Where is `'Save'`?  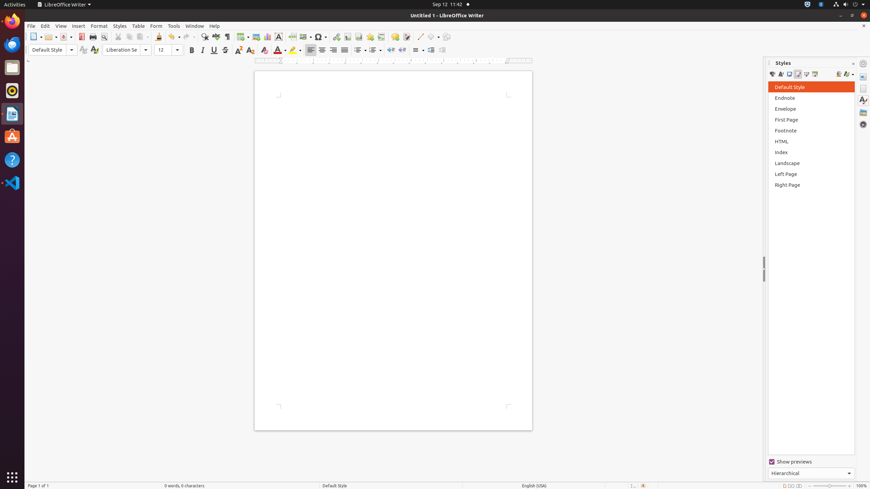 'Save' is located at coordinates (66, 36).